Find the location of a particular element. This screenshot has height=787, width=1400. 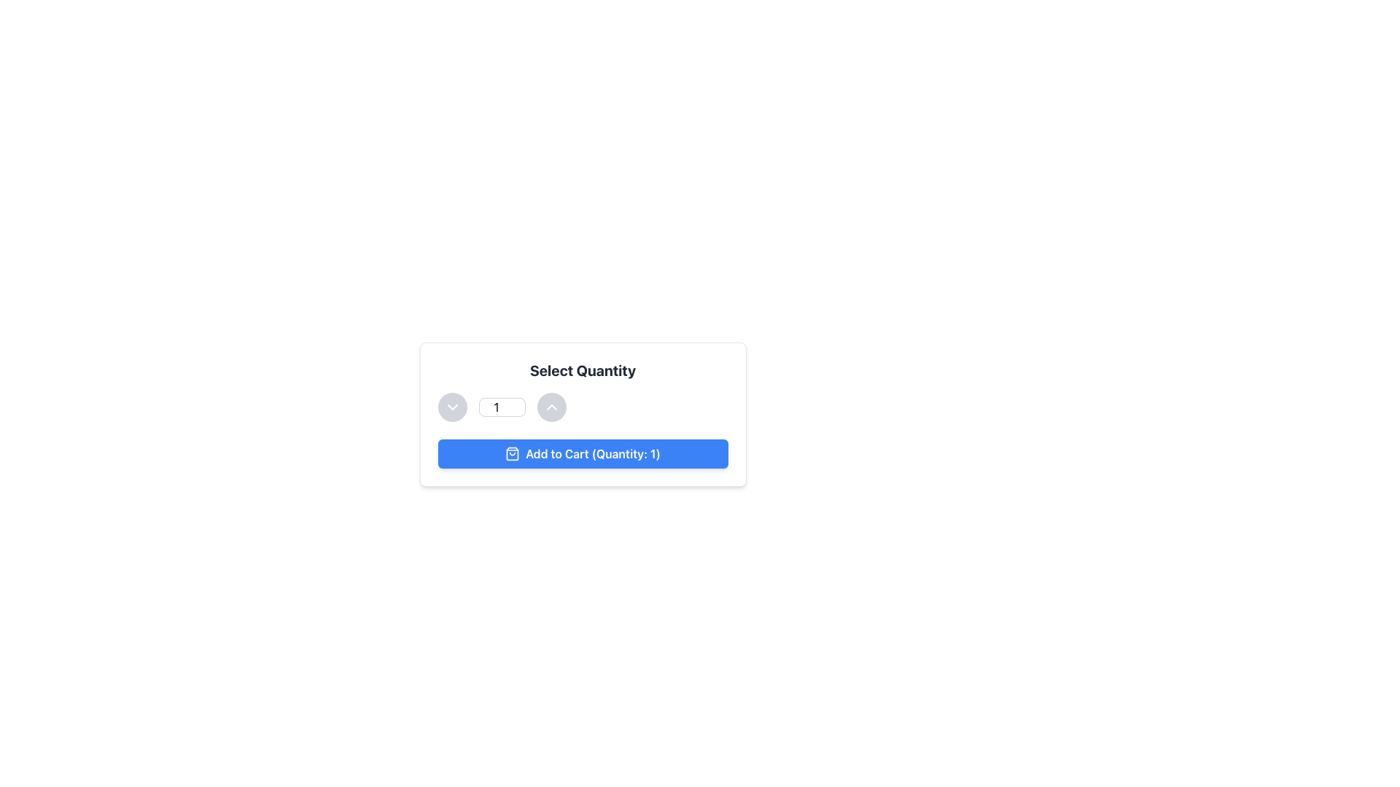

the increment button located to the right of the numeric input box in the 'Select Quantity' section to increase the quantity by one is located at coordinates (551, 407).